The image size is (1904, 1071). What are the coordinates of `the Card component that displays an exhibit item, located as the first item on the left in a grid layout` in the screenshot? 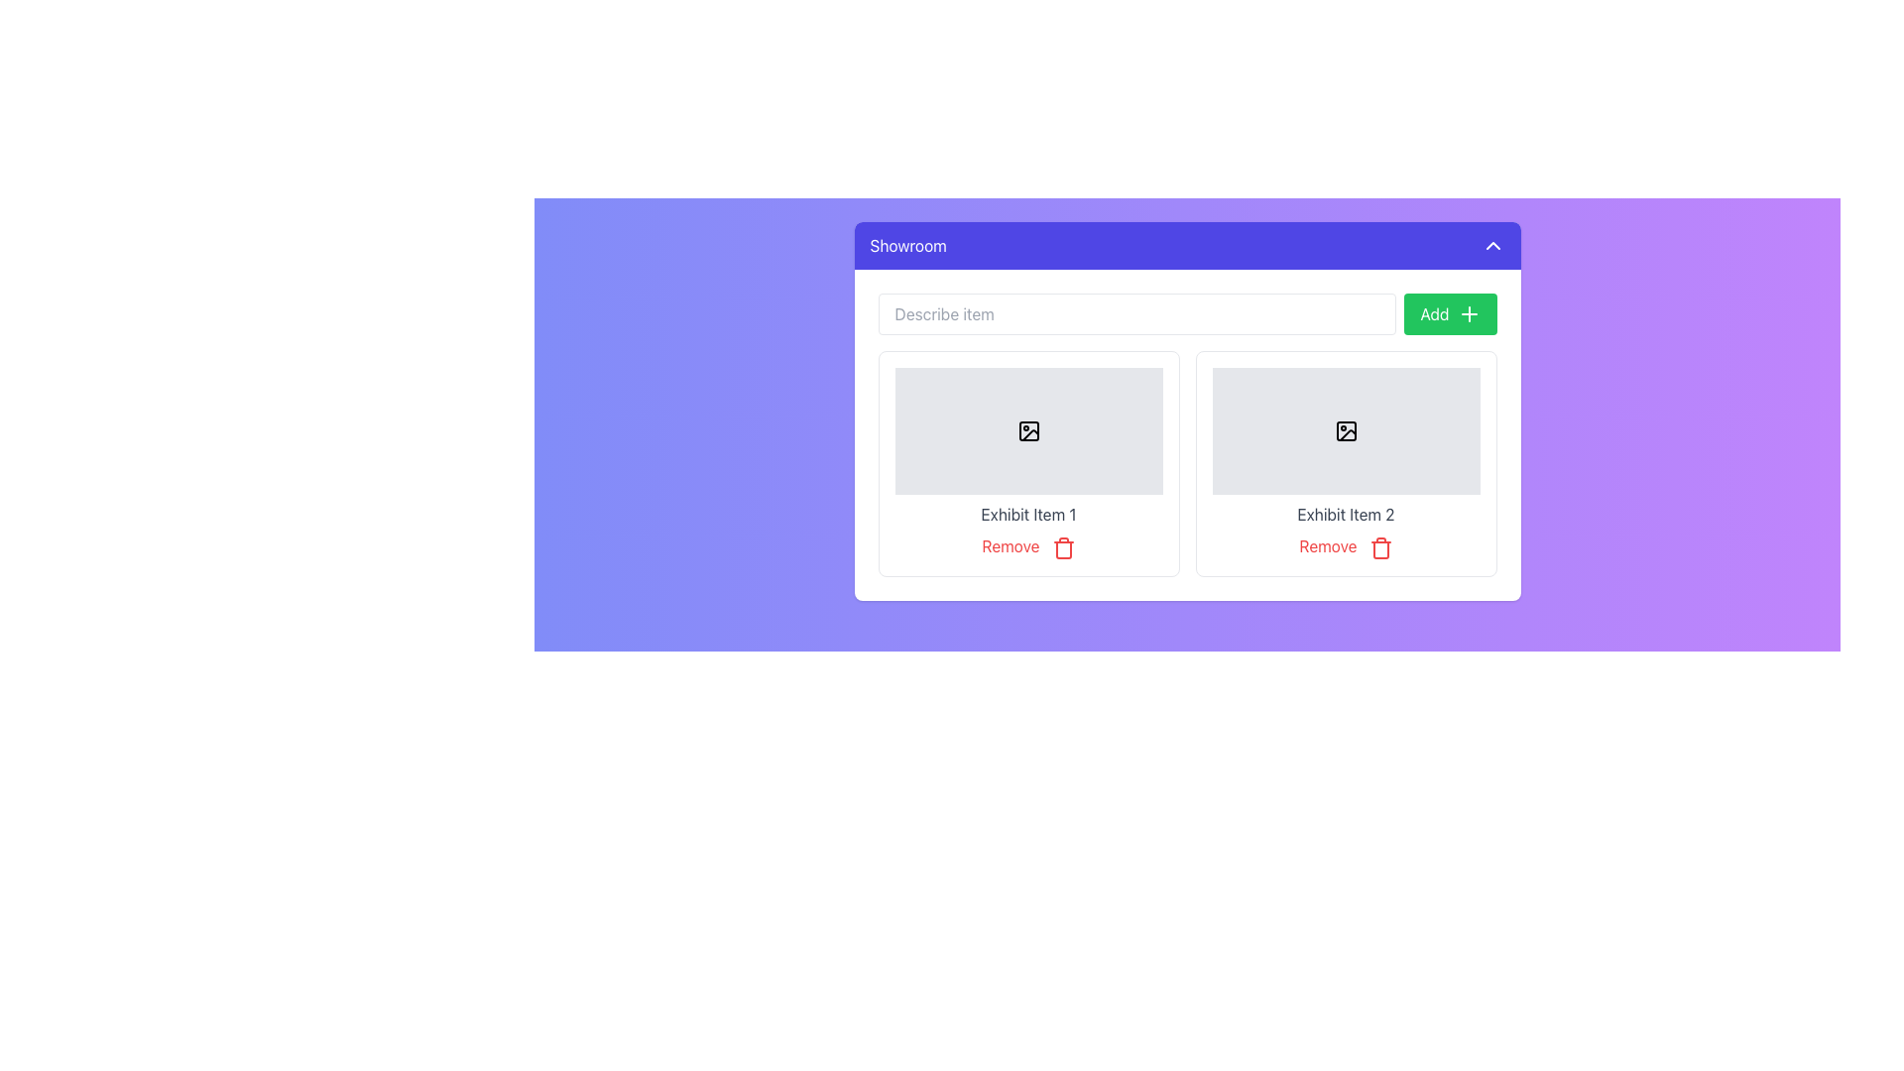 It's located at (1028, 463).